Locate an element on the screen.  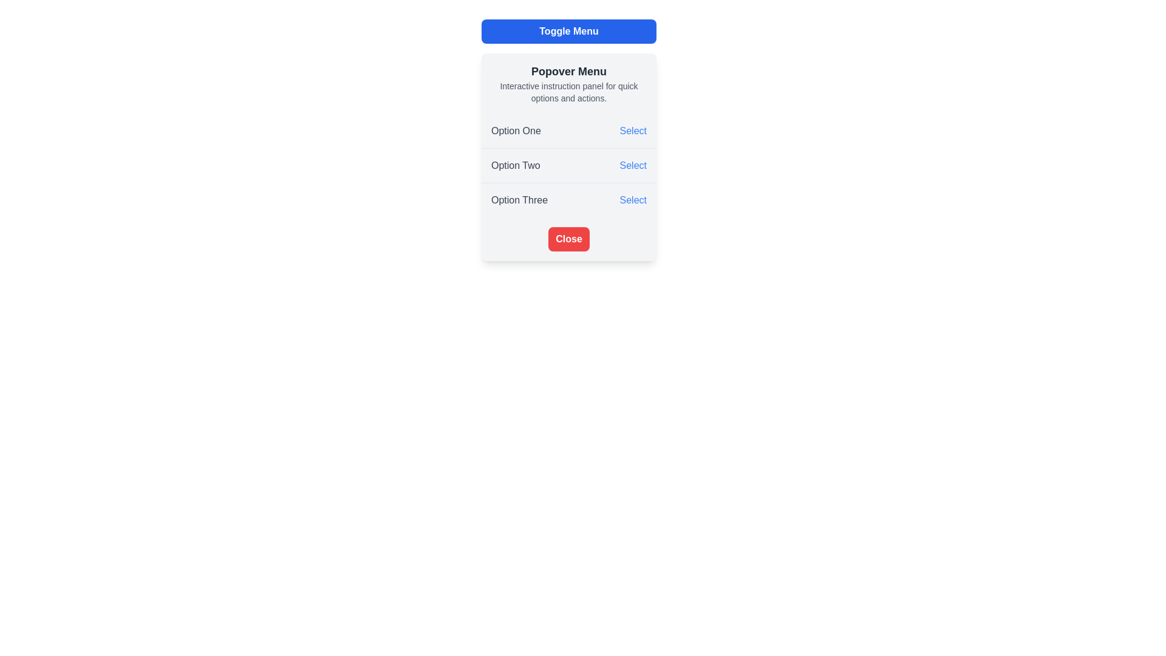
the interactive text or button labeled 'Option One' in the popover menu to change its style, indicating interactivity is located at coordinates (632, 131).